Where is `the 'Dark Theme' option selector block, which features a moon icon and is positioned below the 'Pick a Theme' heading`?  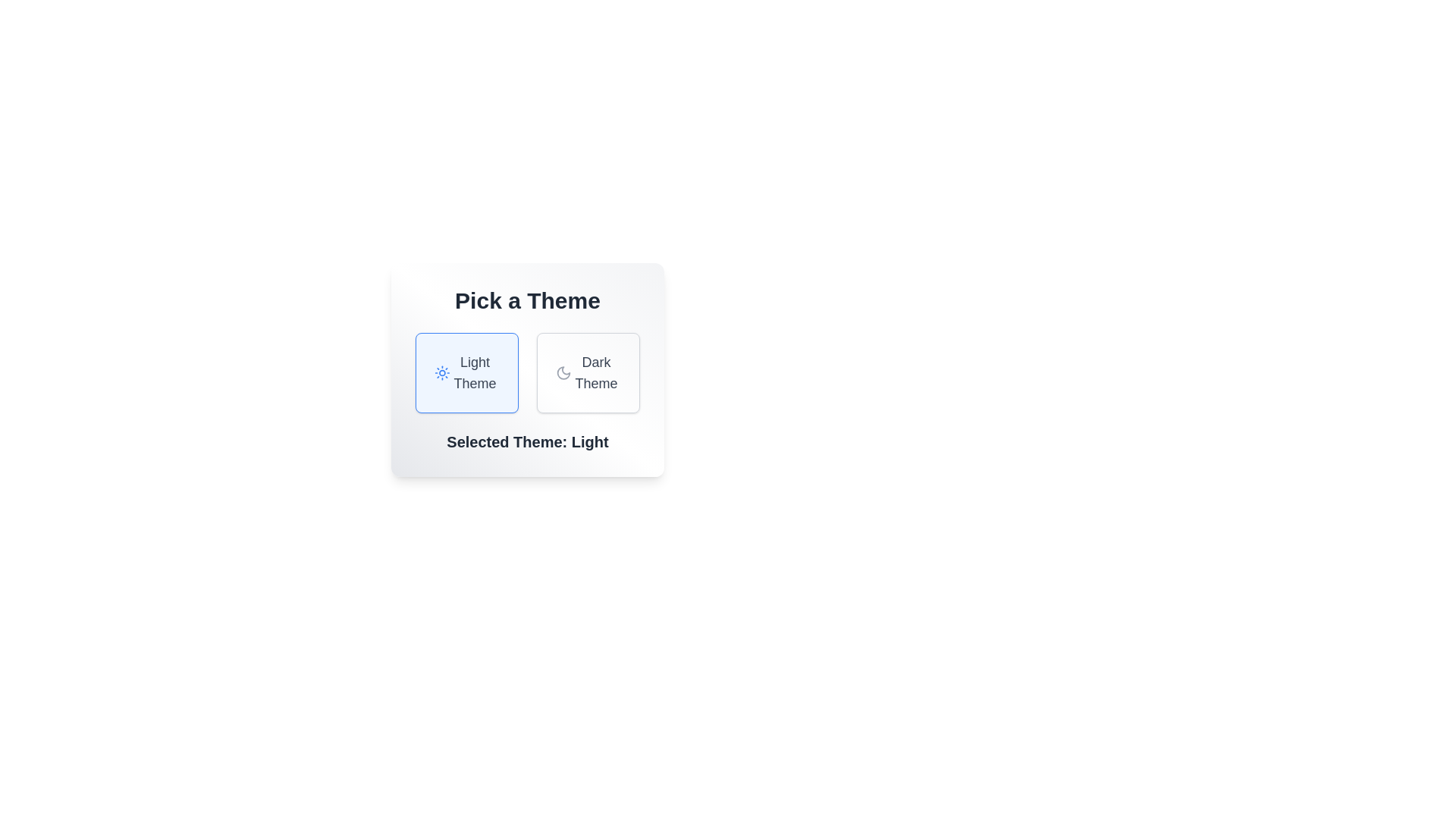 the 'Dark Theme' option selector block, which features a moon icon and is positioned below the 'Pick a Theme' heading is located at coordinates (588, 373).